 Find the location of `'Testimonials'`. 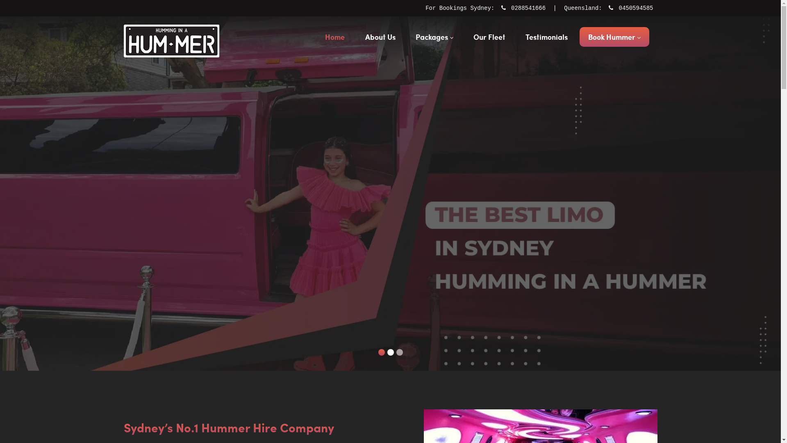

'Testimonials' is located at coordinates (516, 36).